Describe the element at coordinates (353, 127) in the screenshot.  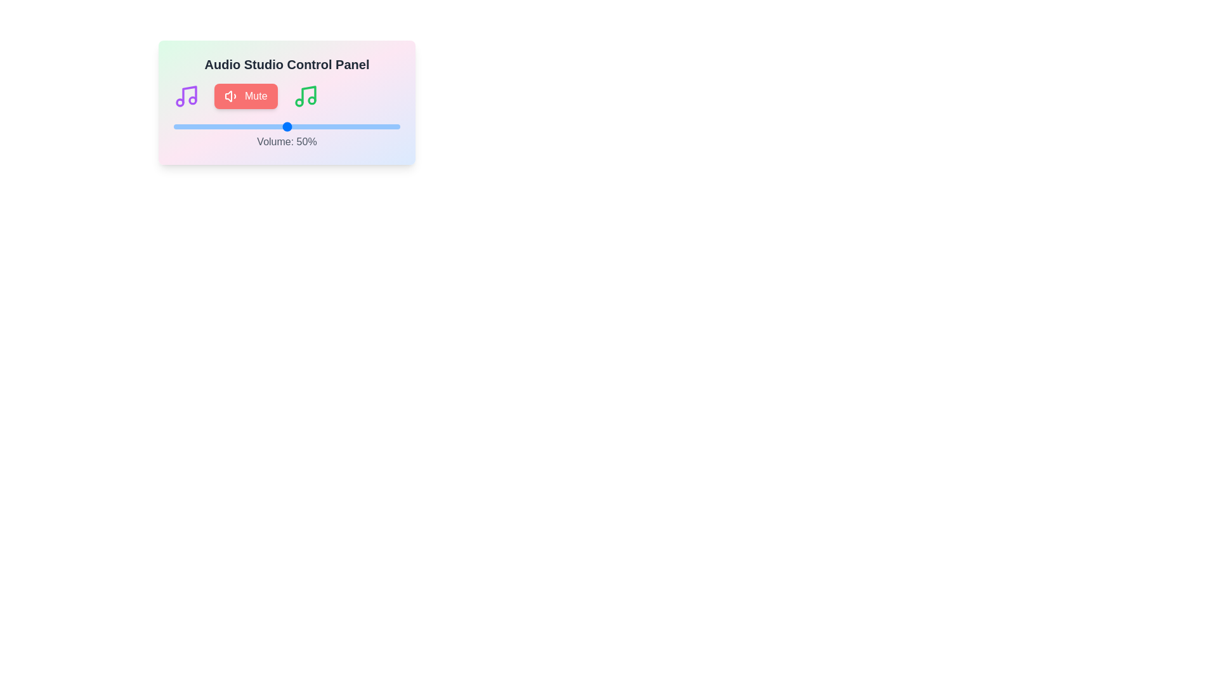
I see `the volume slider to set the volume to 79%` at that location.